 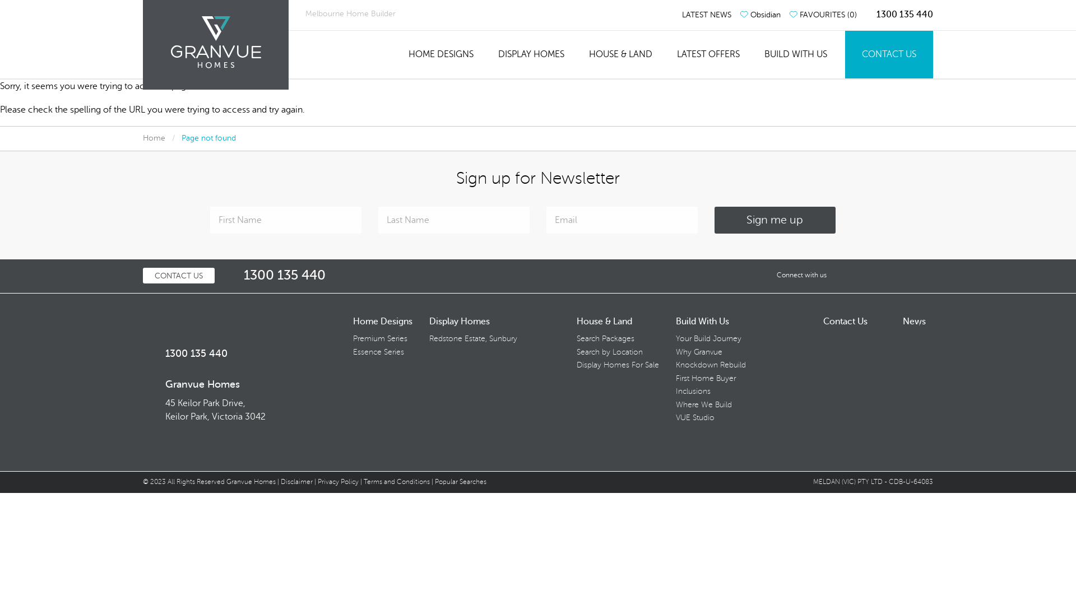 What do you see at coordinates (440, 54) in the screenshot?
I see `'HOME DESIGNS'` at bounding box center [440, 54].